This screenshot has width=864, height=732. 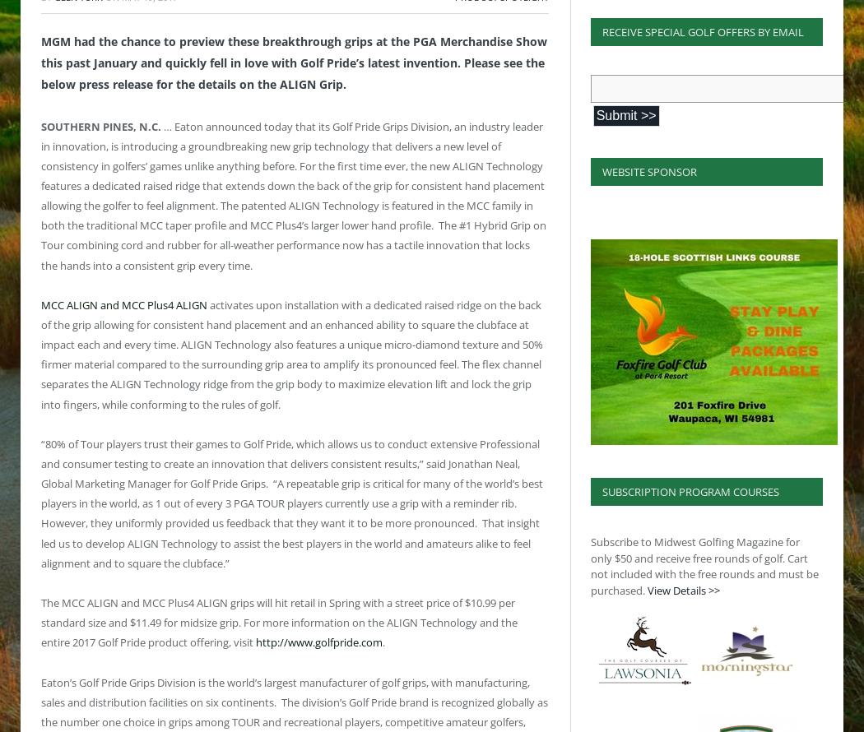 What do you see at coordinates (293, 194) in the screenshot?
I see `'… Eaton announced today that its Golf Pride Grips Division, an industry leader in innovation, is introducing a groundbreaking new grip technology that delivers a new level of consistency in golfers’ games unlike anything before. For the first time ever, the new ALIGN Technology features a dedicated raised ridge that extends down the back of the grip for consistent hand placement allowing the golfer to feel alignment. The patented ALIGN Technology is featured in the MCC family in both the traditional MCC taper profile and MCC Plus4’s larger lower hand profile.  The #1 Hybrid Grip on Tour combining cord and rubber for all-weather performance now has a tactile innovation that locks the hands into a consistent grip every time.'` at bounding box center [293, 194].